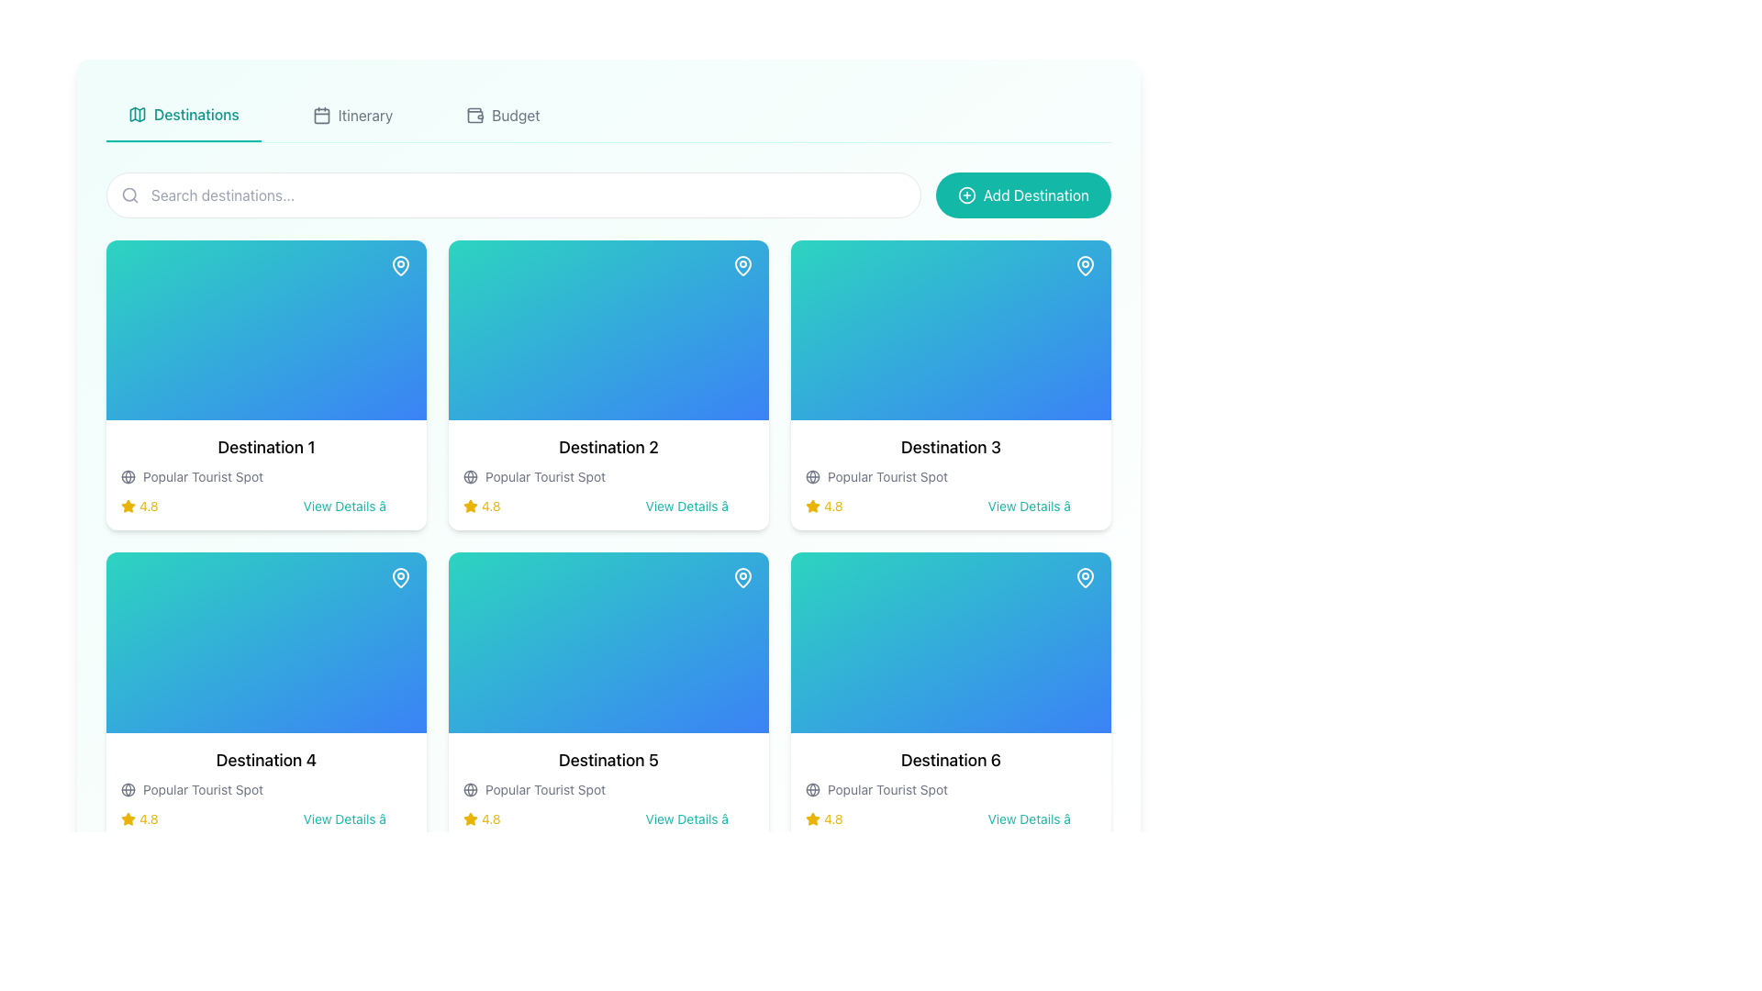  I want to click on the text label 'Popular Tourist Spot' displayed in gray font, which is located in the middle card of the top row in a grid layout of six cards, so click(887, 476).